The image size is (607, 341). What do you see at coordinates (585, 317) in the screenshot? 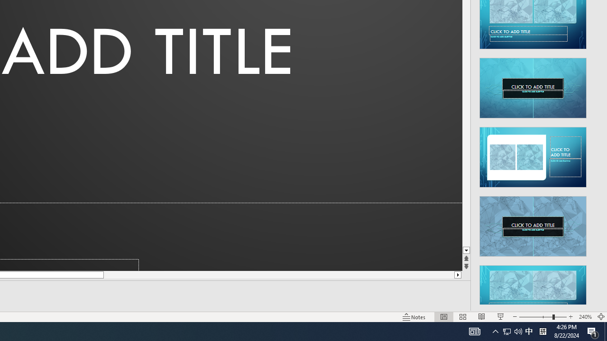
I see `'Zoom 240%'` at bounding box center [585, 317].